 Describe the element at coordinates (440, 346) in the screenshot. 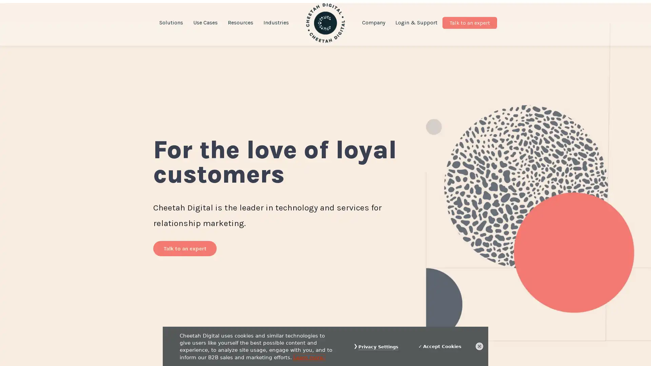

I see `Accept Cookies` at that location.